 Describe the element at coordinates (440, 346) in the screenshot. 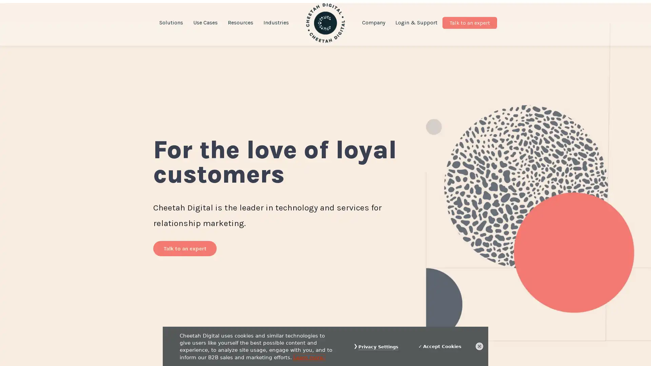

I see `Accept Cookies` at that location.